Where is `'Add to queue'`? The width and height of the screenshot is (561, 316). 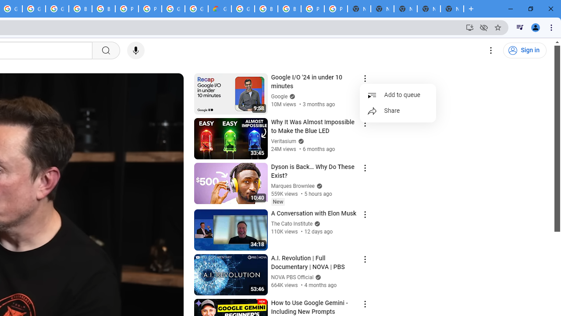 'Add to queue' is located at coordinates (398, 95).